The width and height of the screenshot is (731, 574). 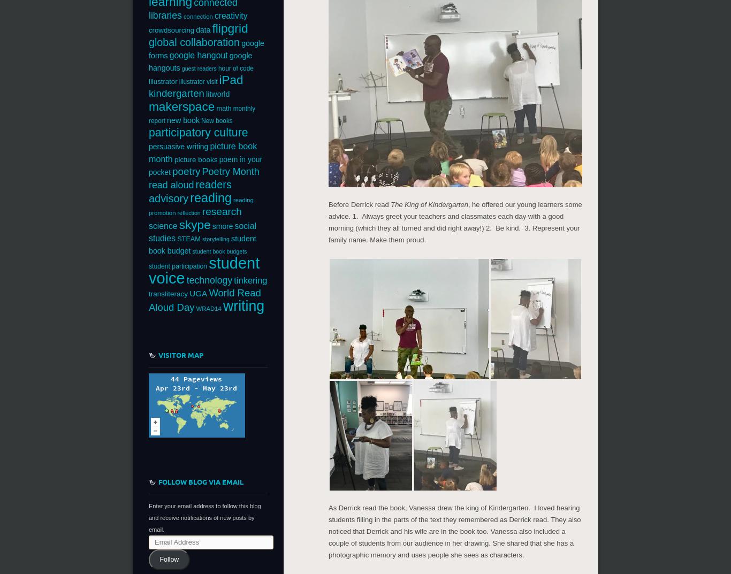 I want to click on 'reading promotion', so click(x=148, y=205).